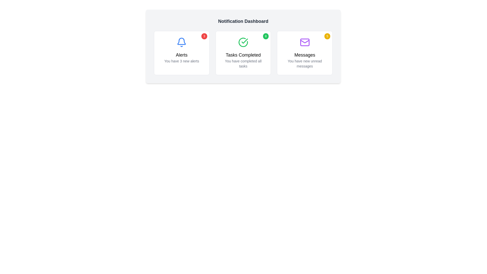  I want to click on the curved, bell-shaped notification icon with a blue stroke located in the 'Alerts' section of the Notification Dashboard, so click(182, 41).